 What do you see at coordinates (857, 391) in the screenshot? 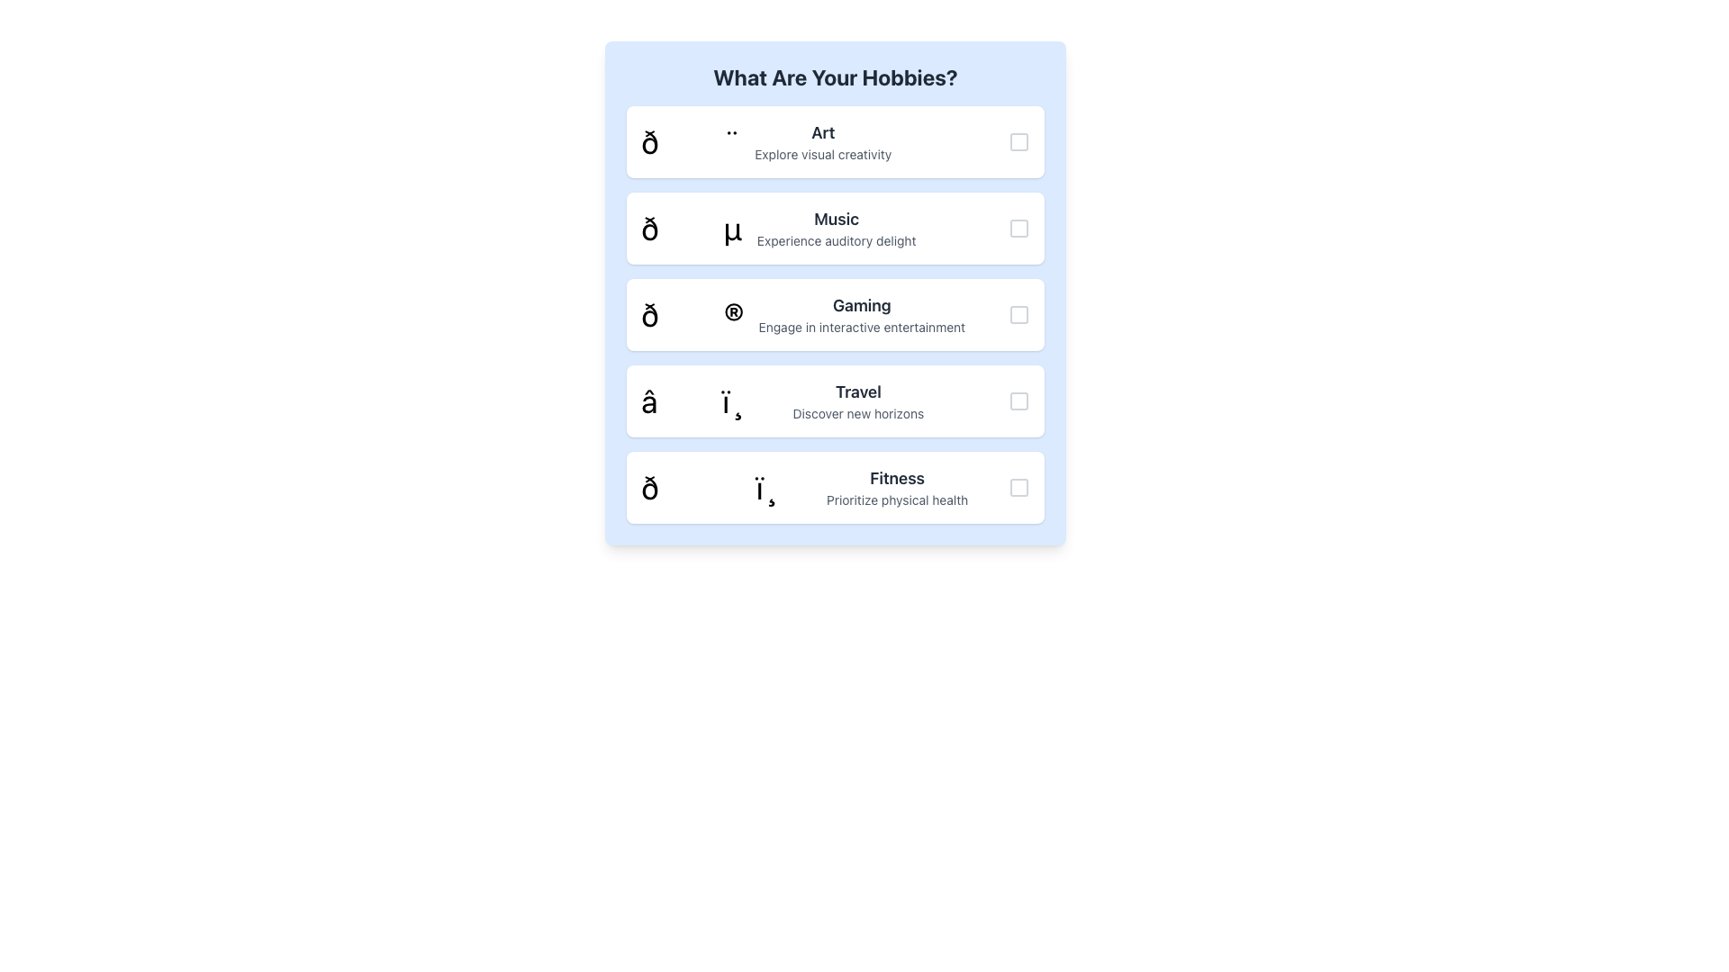
I see `the text label that serves as the header for the hobby option 'Travel', which is positioned as the primary title of the card in the fourth position of a vertical list of hobby options` at bounding box center [857, 391].